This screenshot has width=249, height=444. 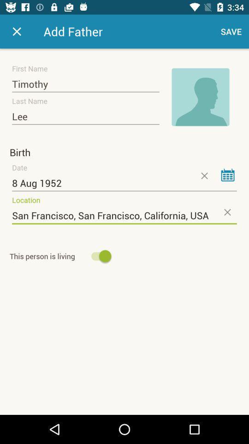 I want to click on icon to the right of the timothy item, so click(x=200, y=97).